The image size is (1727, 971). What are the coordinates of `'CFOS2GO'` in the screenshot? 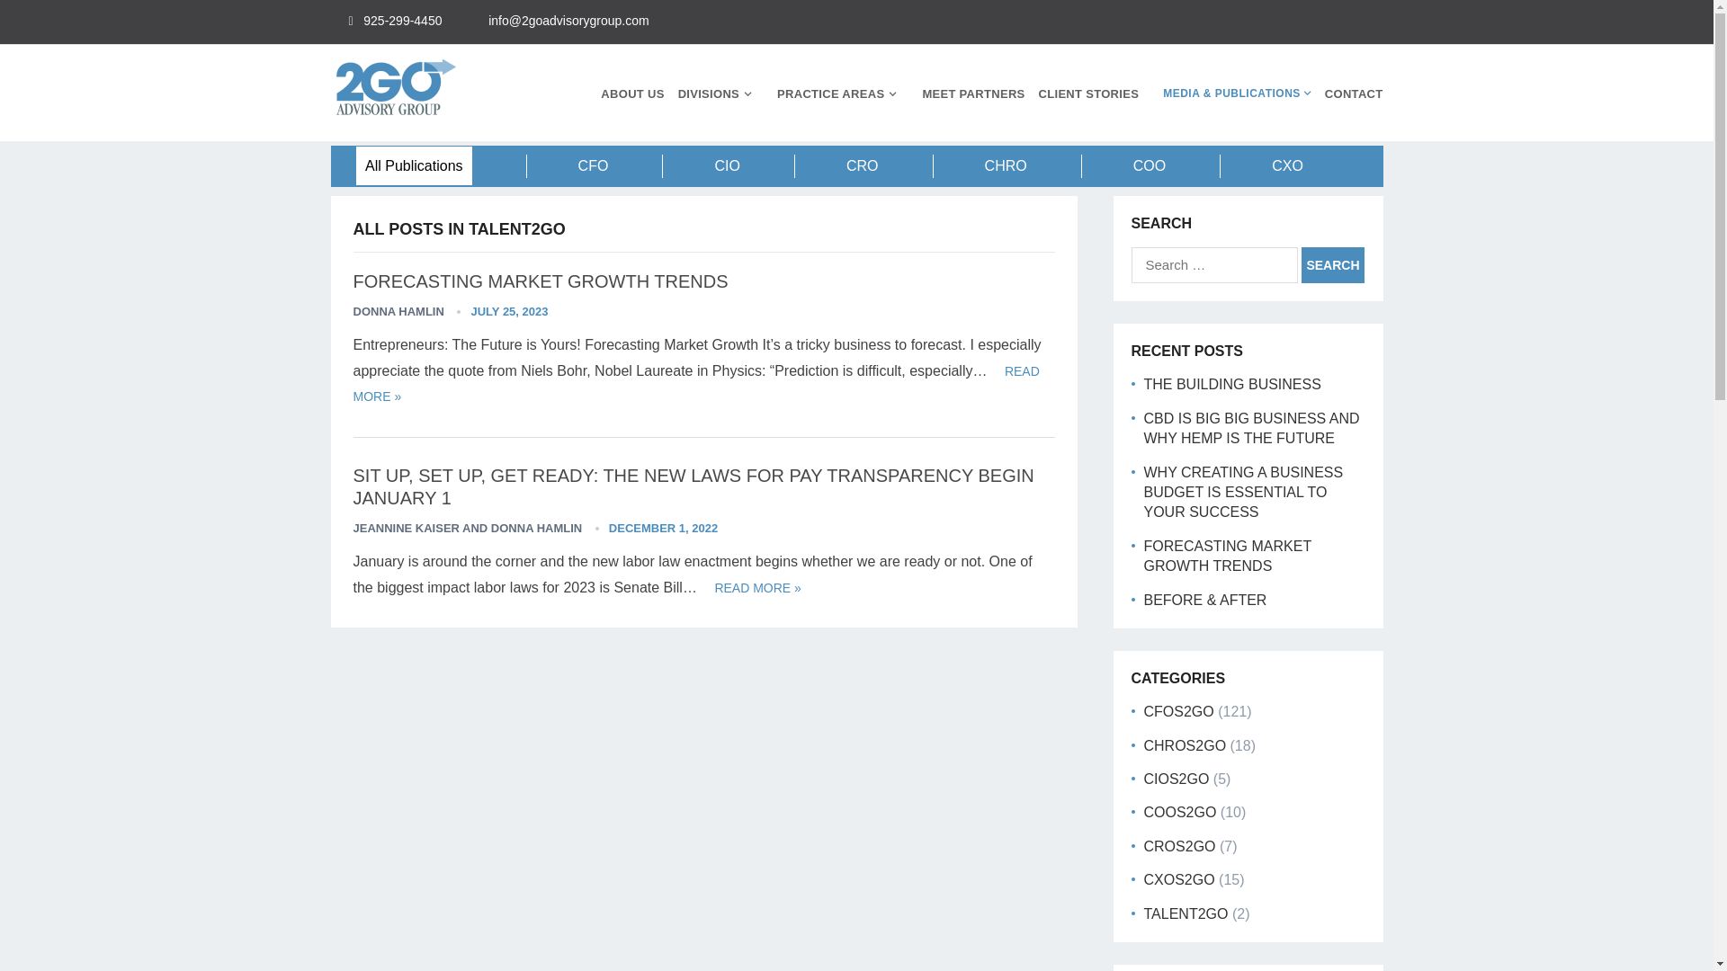 It's located at (1178, 710).